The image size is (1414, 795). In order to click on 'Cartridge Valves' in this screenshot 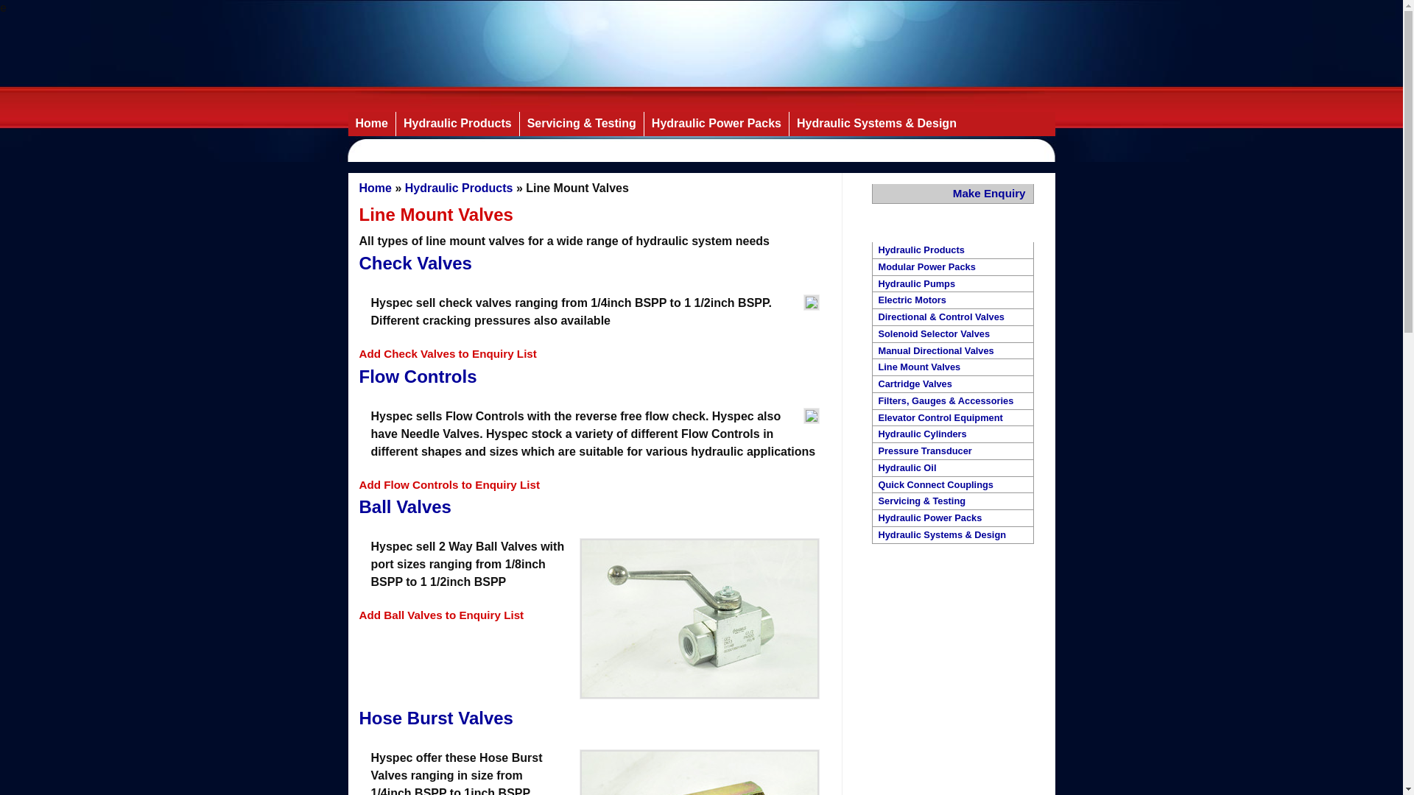, I will do `click(952, 384)`.